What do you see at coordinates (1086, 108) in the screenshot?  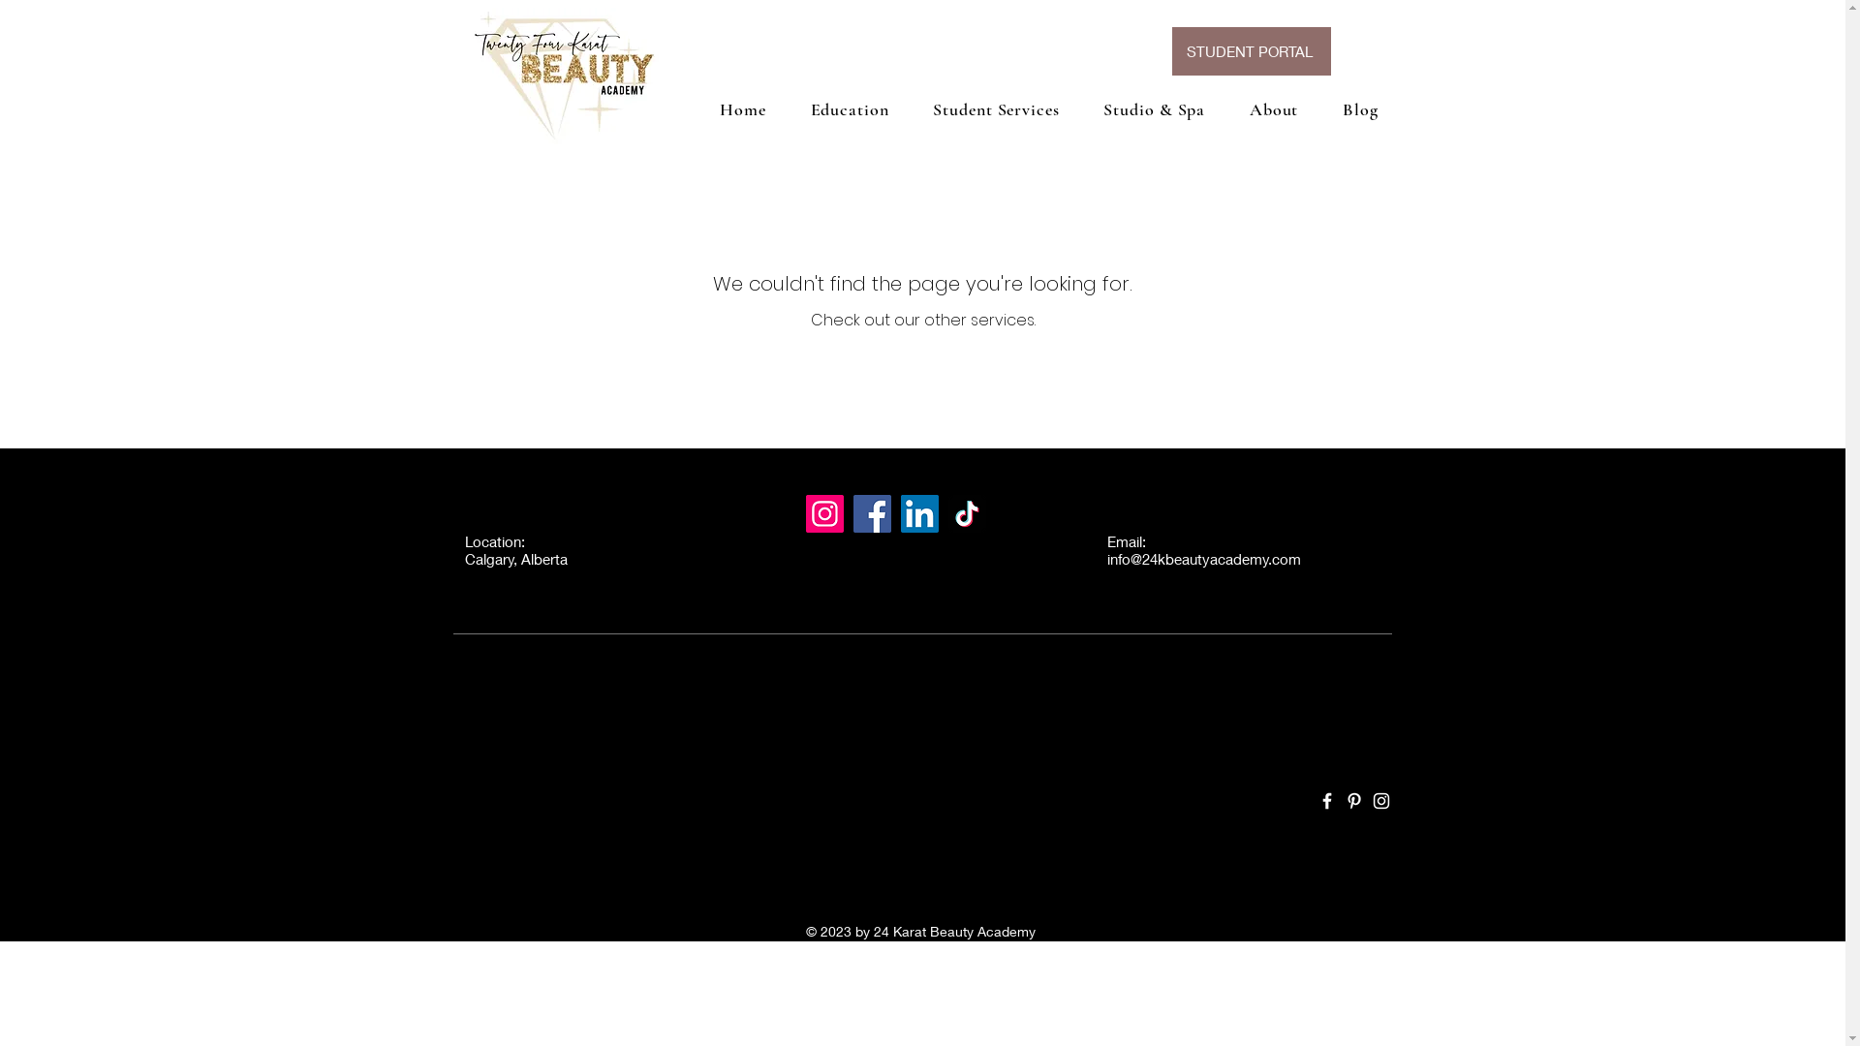 I see `'Studio & Spa'` at bounding box center [1086, 108].